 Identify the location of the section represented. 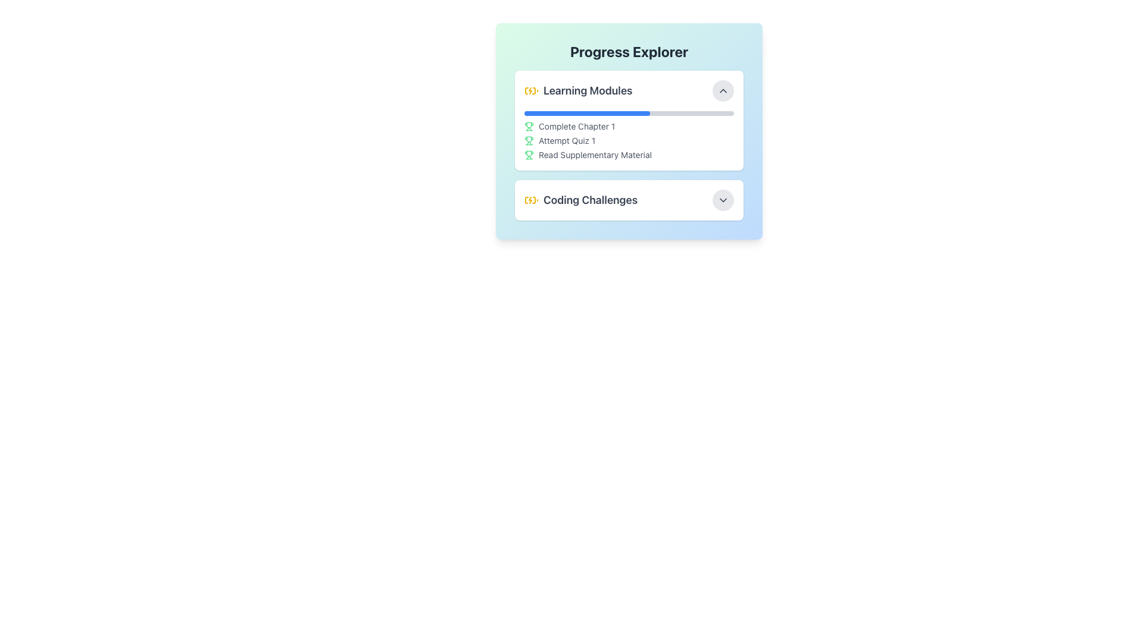
(588, 90).